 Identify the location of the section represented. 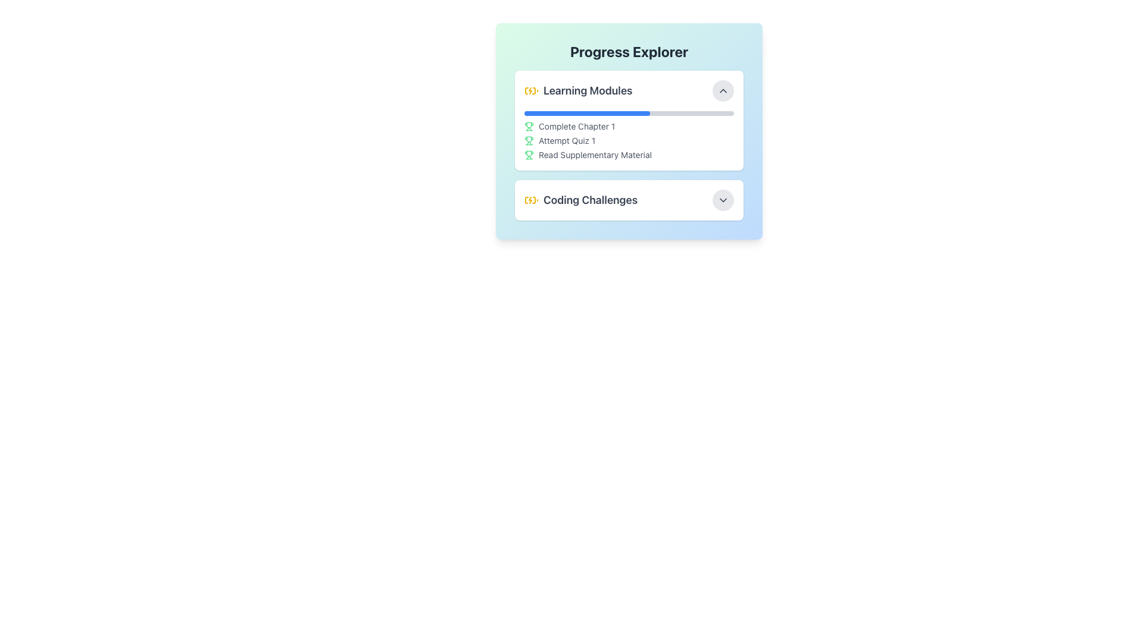
(588, 90).